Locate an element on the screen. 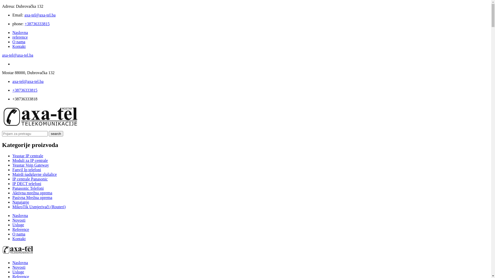 Image resolution: width=495 pixels, height=278 pixels. 'IP centrale Panasonic' is located at coordinates (30, 179).